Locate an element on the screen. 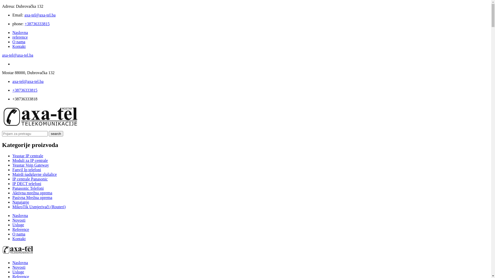 Image resolution: width=495 pixels, height=278 pixels. 'IP centrale Panasonic' is located at coordinates (30, 179).